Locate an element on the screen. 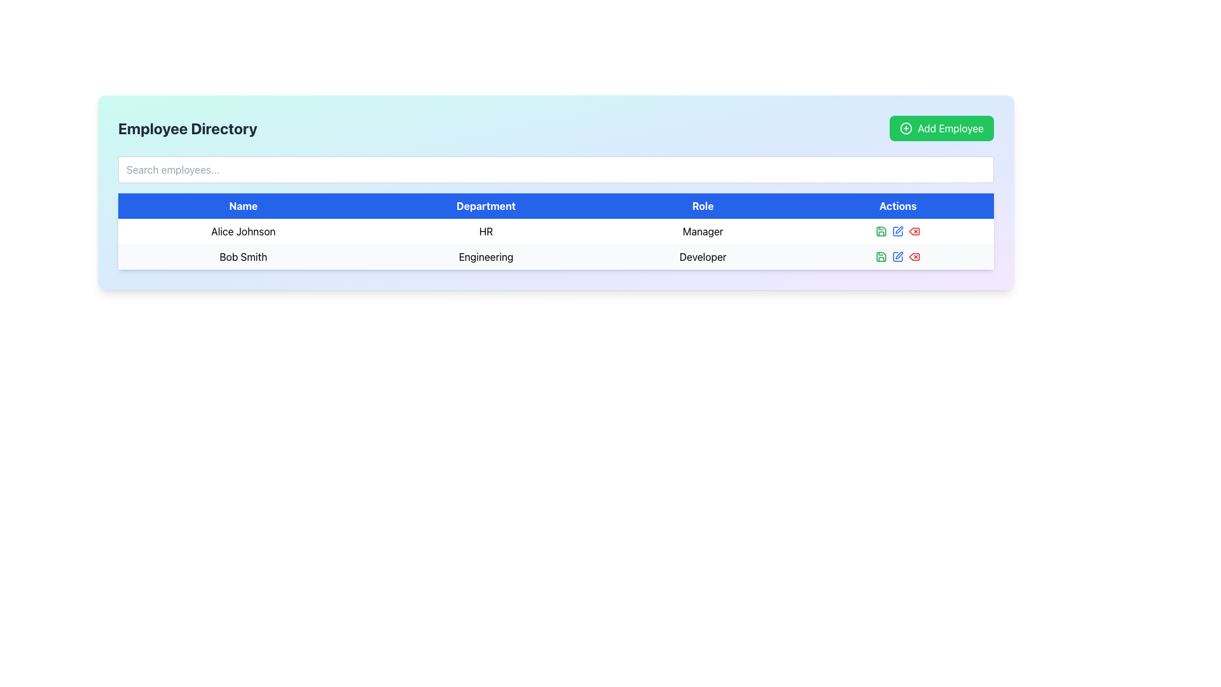  the text label 'Bob Smith' located in the second row of the table under the 'Name' column is located at coordinates (243, 257).